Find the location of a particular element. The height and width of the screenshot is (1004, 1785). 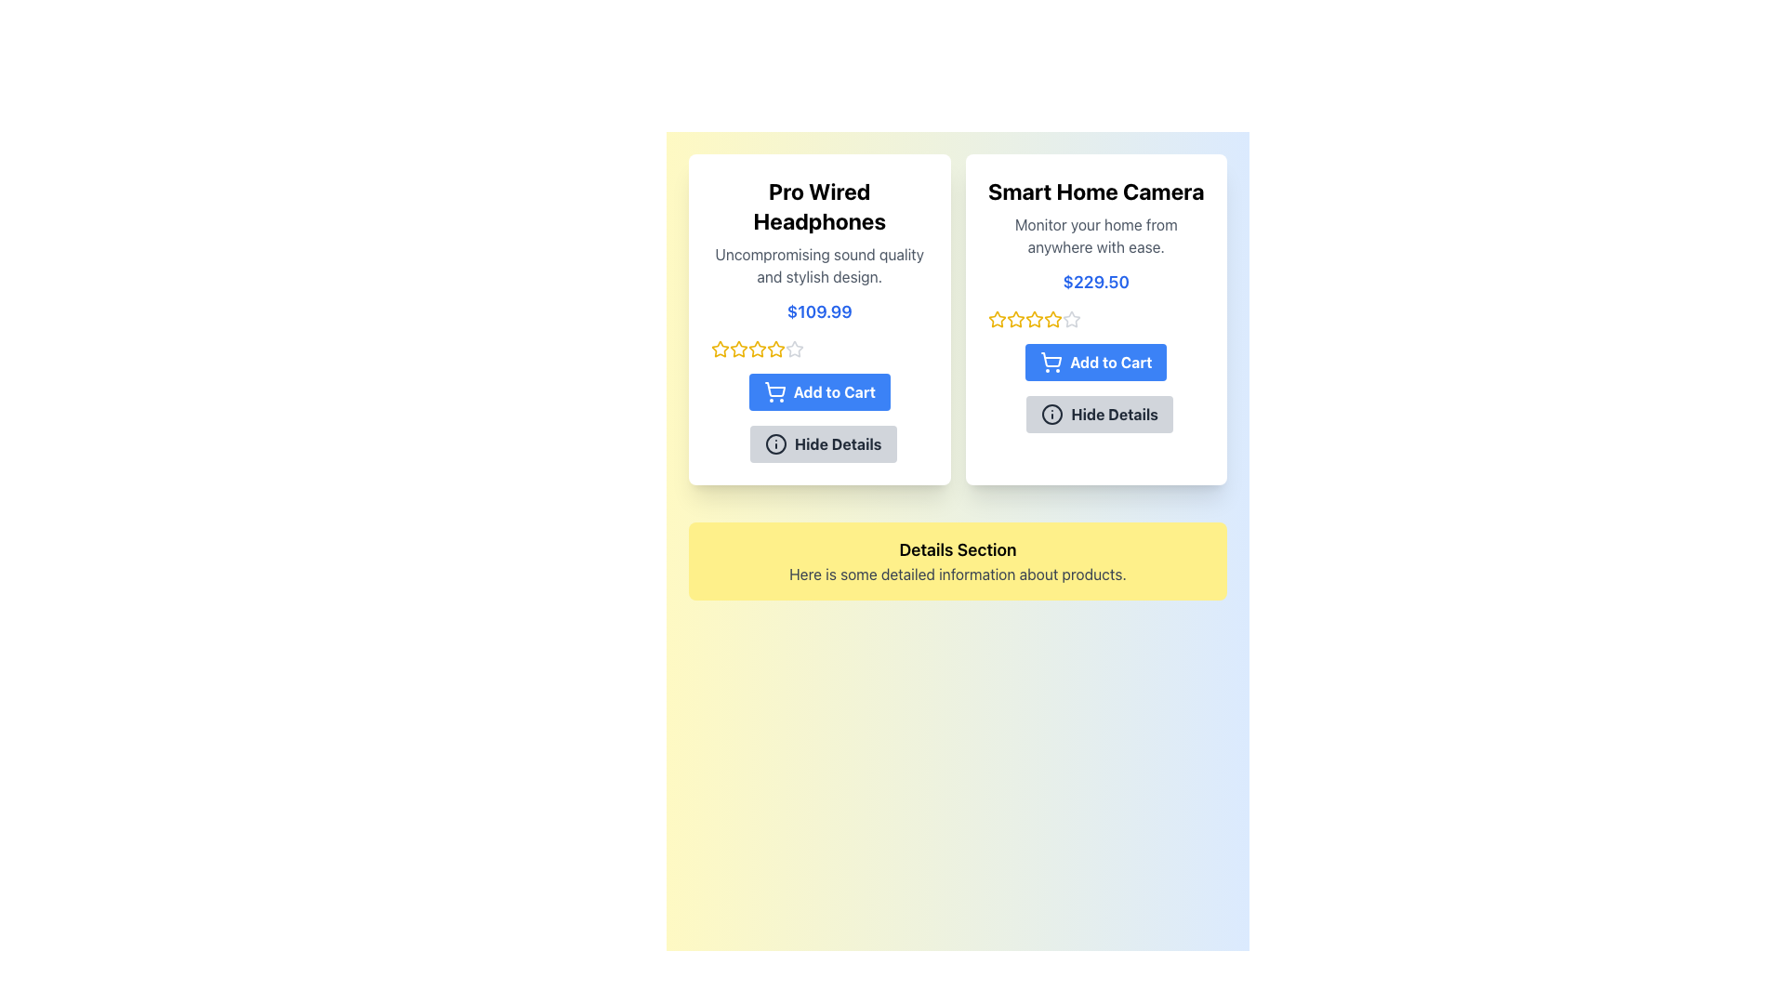

the third star icon, which is outlined in yellow and filled with white, used for rating below the product title and price of 'Pro Wired Headphones' is located at coordinates (758, 349).